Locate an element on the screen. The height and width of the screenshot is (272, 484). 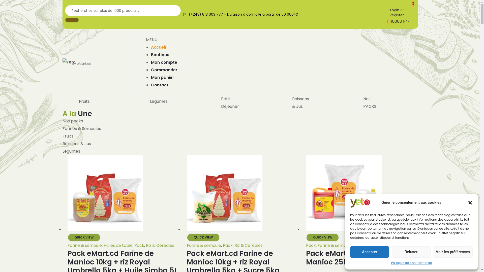
'Accueil' is located at coordinates (151, 47).